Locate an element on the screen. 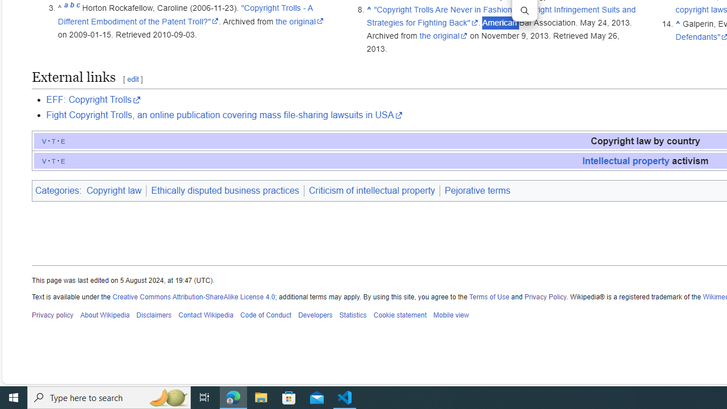  'Privacy Policy' is located at coordinates (545, 296).